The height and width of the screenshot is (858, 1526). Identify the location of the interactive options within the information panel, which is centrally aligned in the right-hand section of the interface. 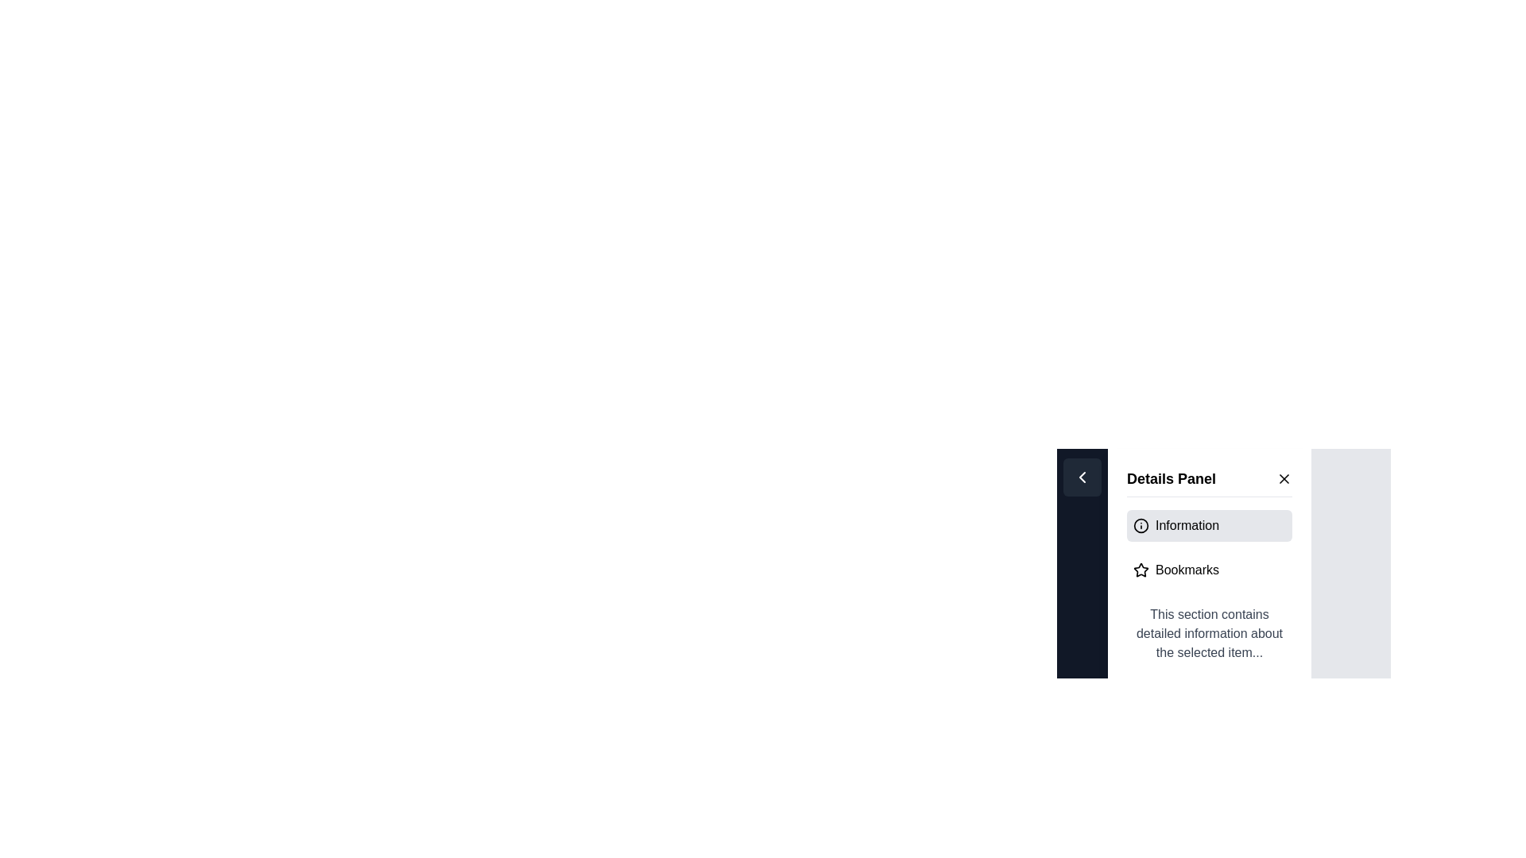
(1223, 553).